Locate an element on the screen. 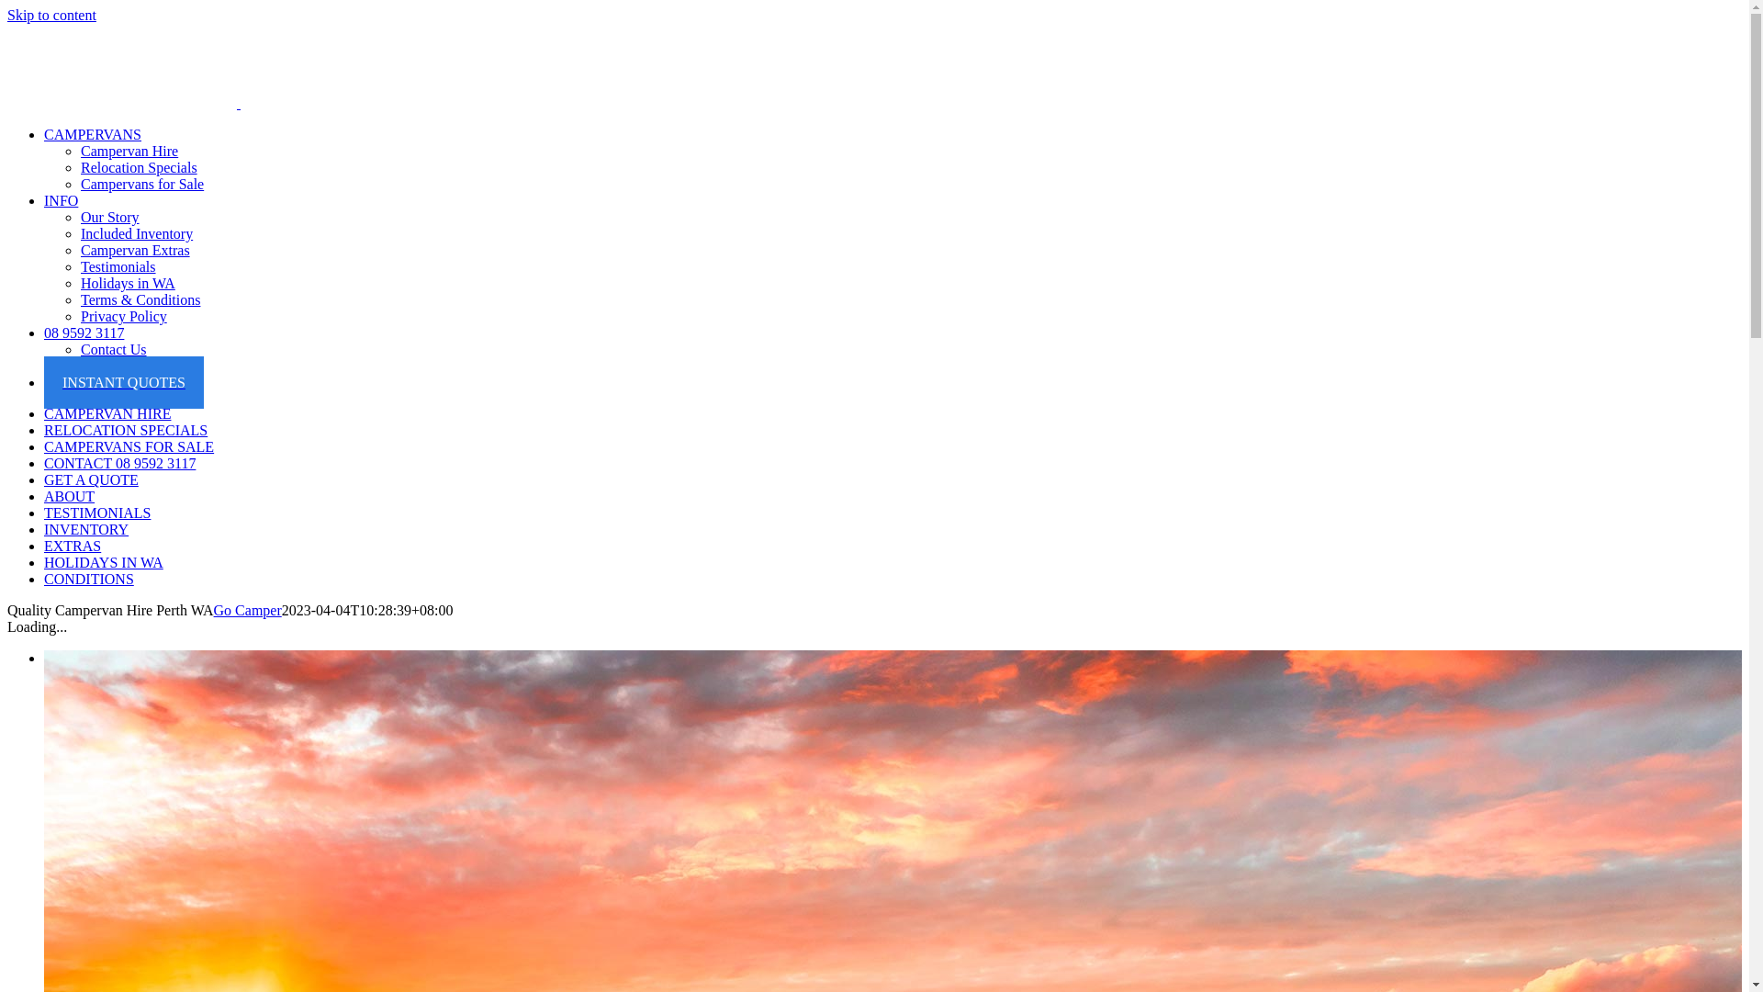 Image resolution: width=1763 pixels, height=992 pixels. 'Testimonials' is located at coordinates (79, 266).